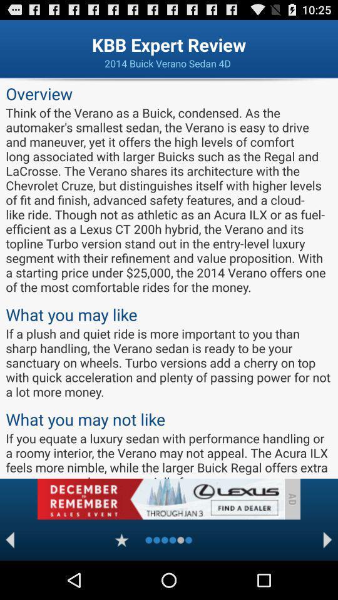 This screenshot has height=600, width=338. I want to click on the arrow_backward icon, so click(9, 577).